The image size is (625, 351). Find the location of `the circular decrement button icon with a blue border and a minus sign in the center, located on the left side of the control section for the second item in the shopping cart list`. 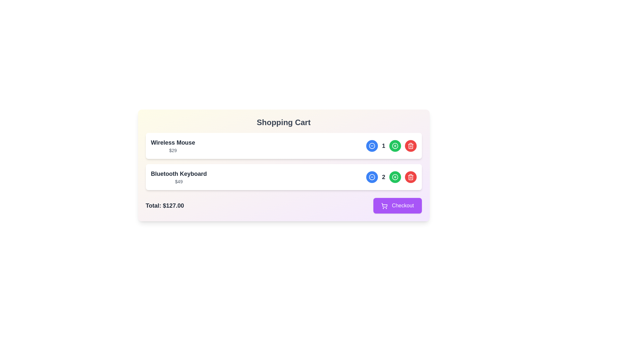

the circular decrement button icon with a blue border and a minus sign in the center, located on the left side of the control section for the second item in the shopping cart list is located at coordinates (372, 177).